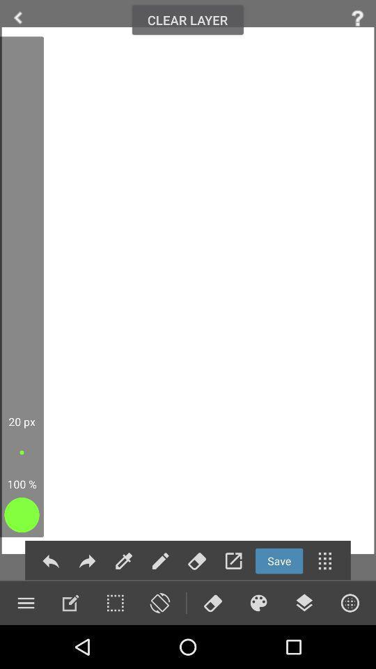 The image size is (376, 669). Describe the element at coordinates (26, 602) in the screenshot. I see `menu` at that location.